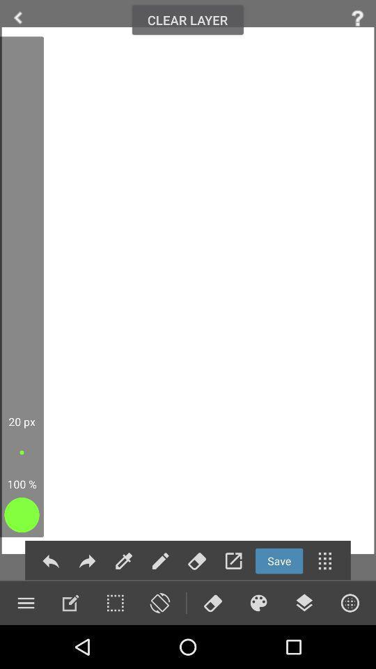 The image size is (376, 669). Describe the element at coordinates (26, 602) in the screenshot. I see `menu` at that location.